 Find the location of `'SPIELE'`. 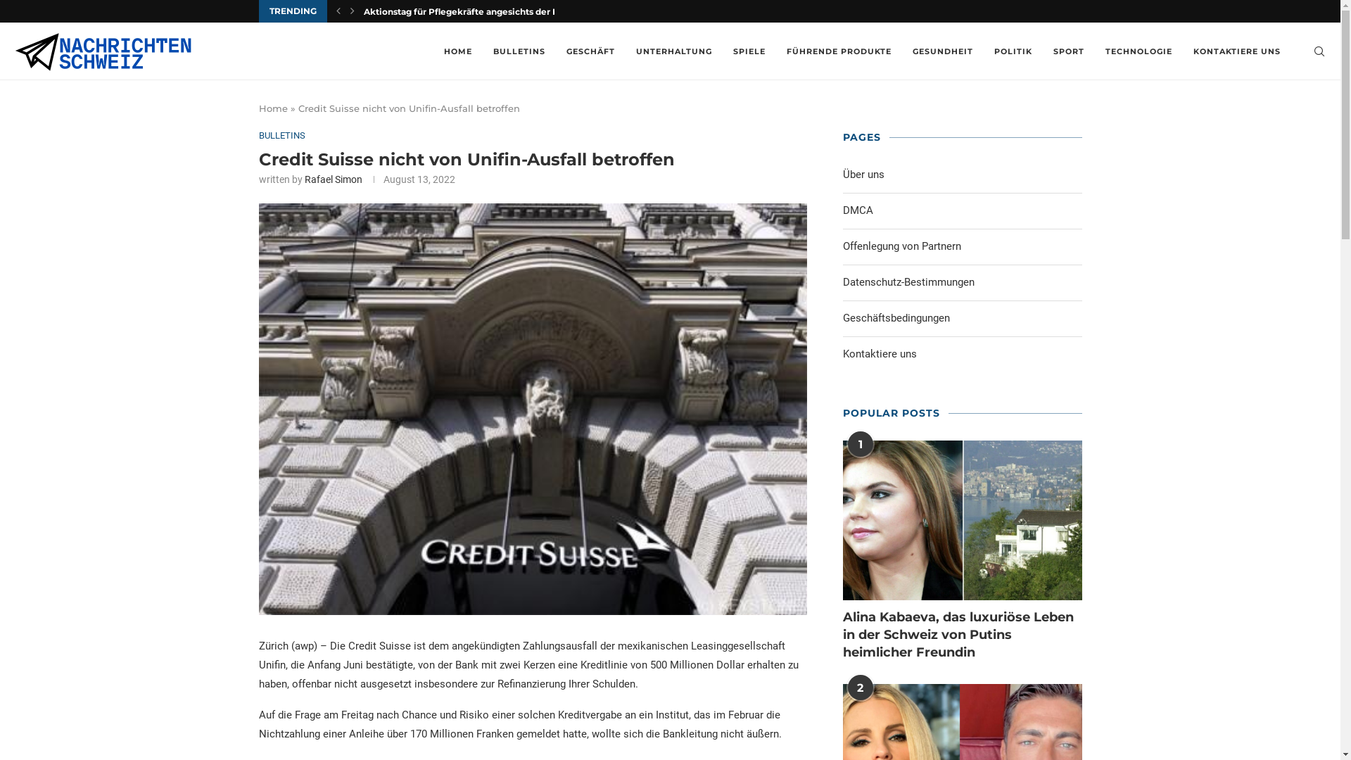

'SPIELE' is located at coordinates (749, 51).